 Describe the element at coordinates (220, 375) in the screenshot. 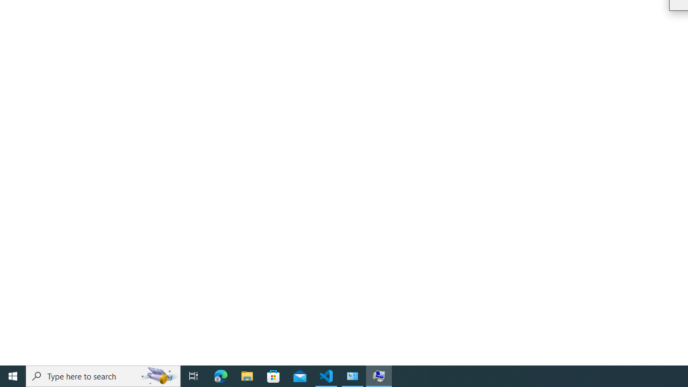

I see `'Microsoft Edge'` at that location.